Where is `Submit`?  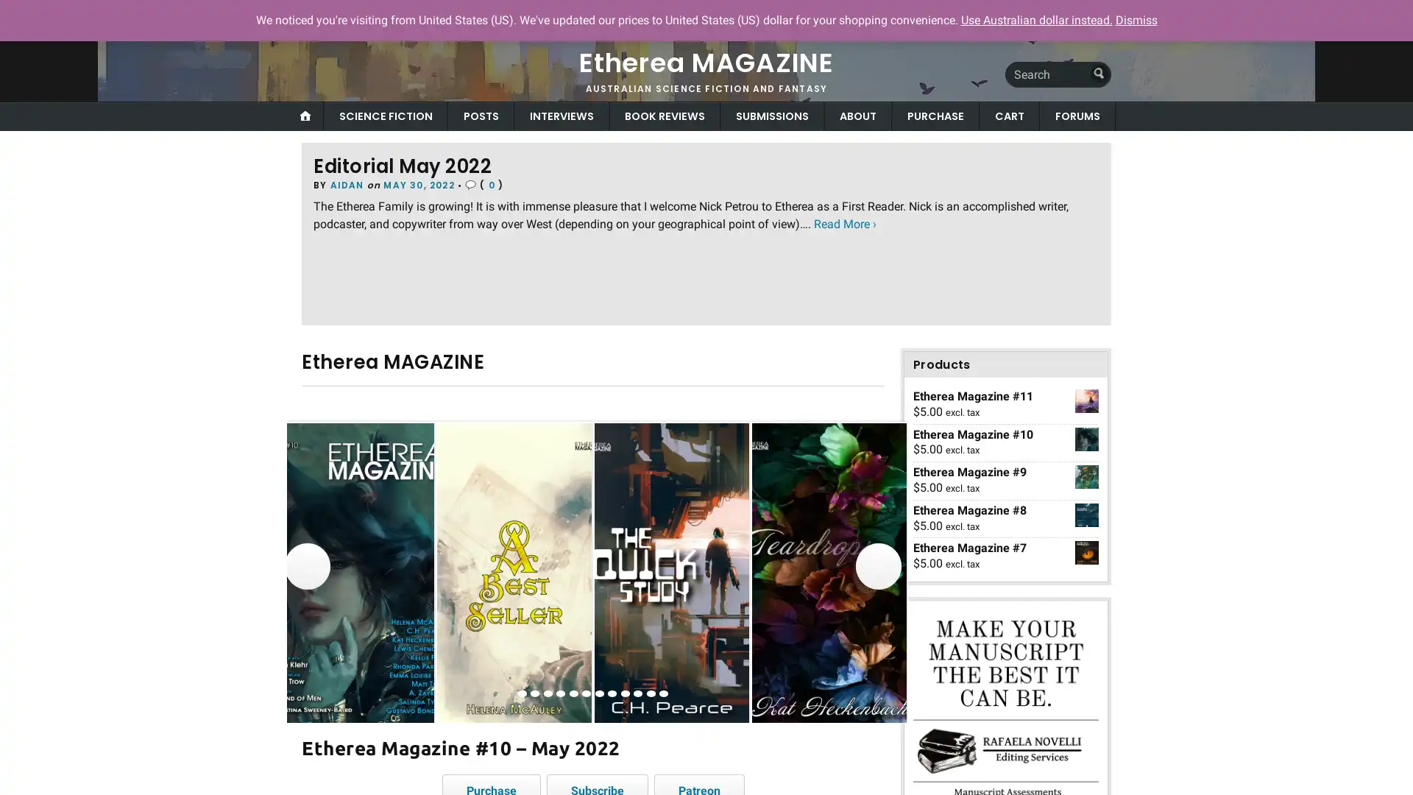 Submit is located at coordinates (1099, 74).